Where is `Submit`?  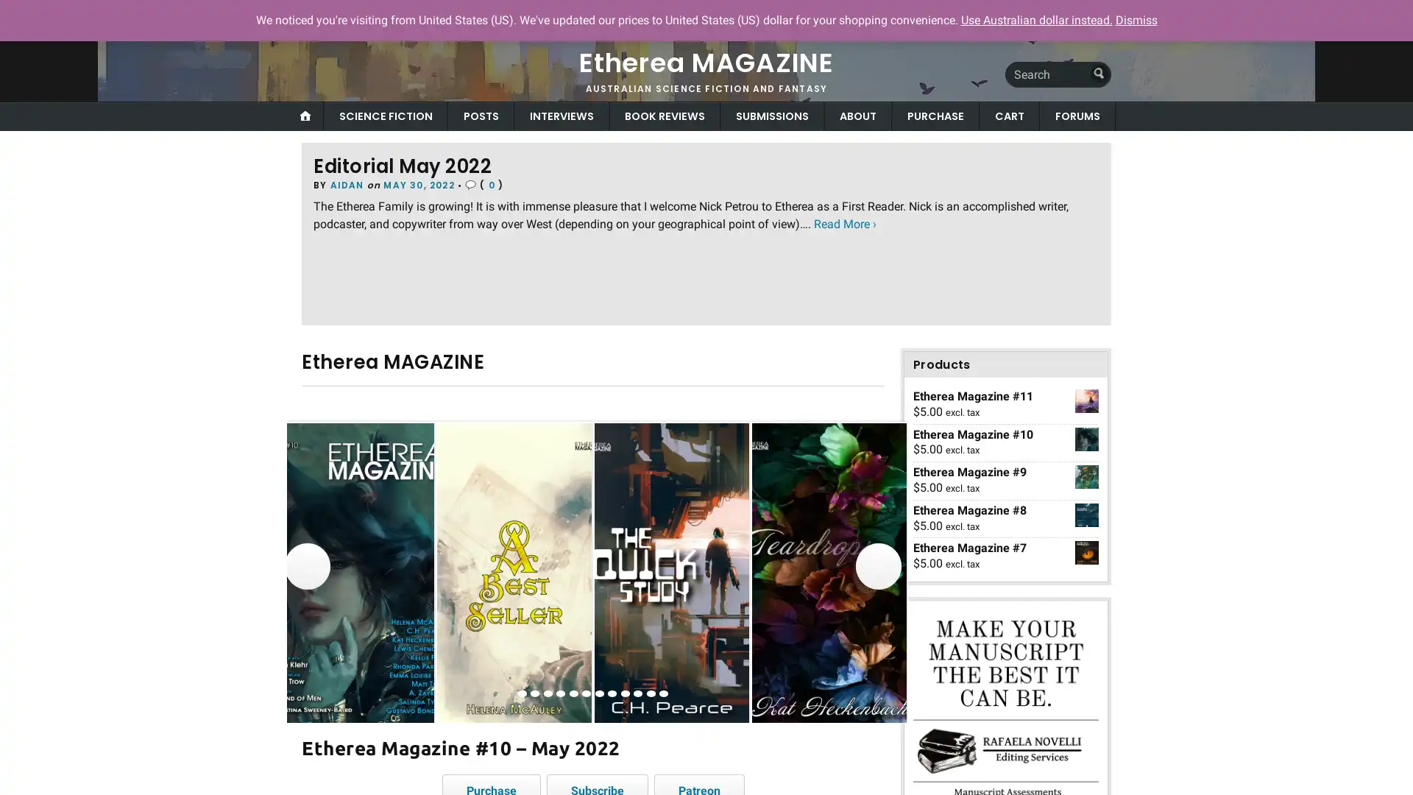 Submit is located at coordinates (1099, 74).